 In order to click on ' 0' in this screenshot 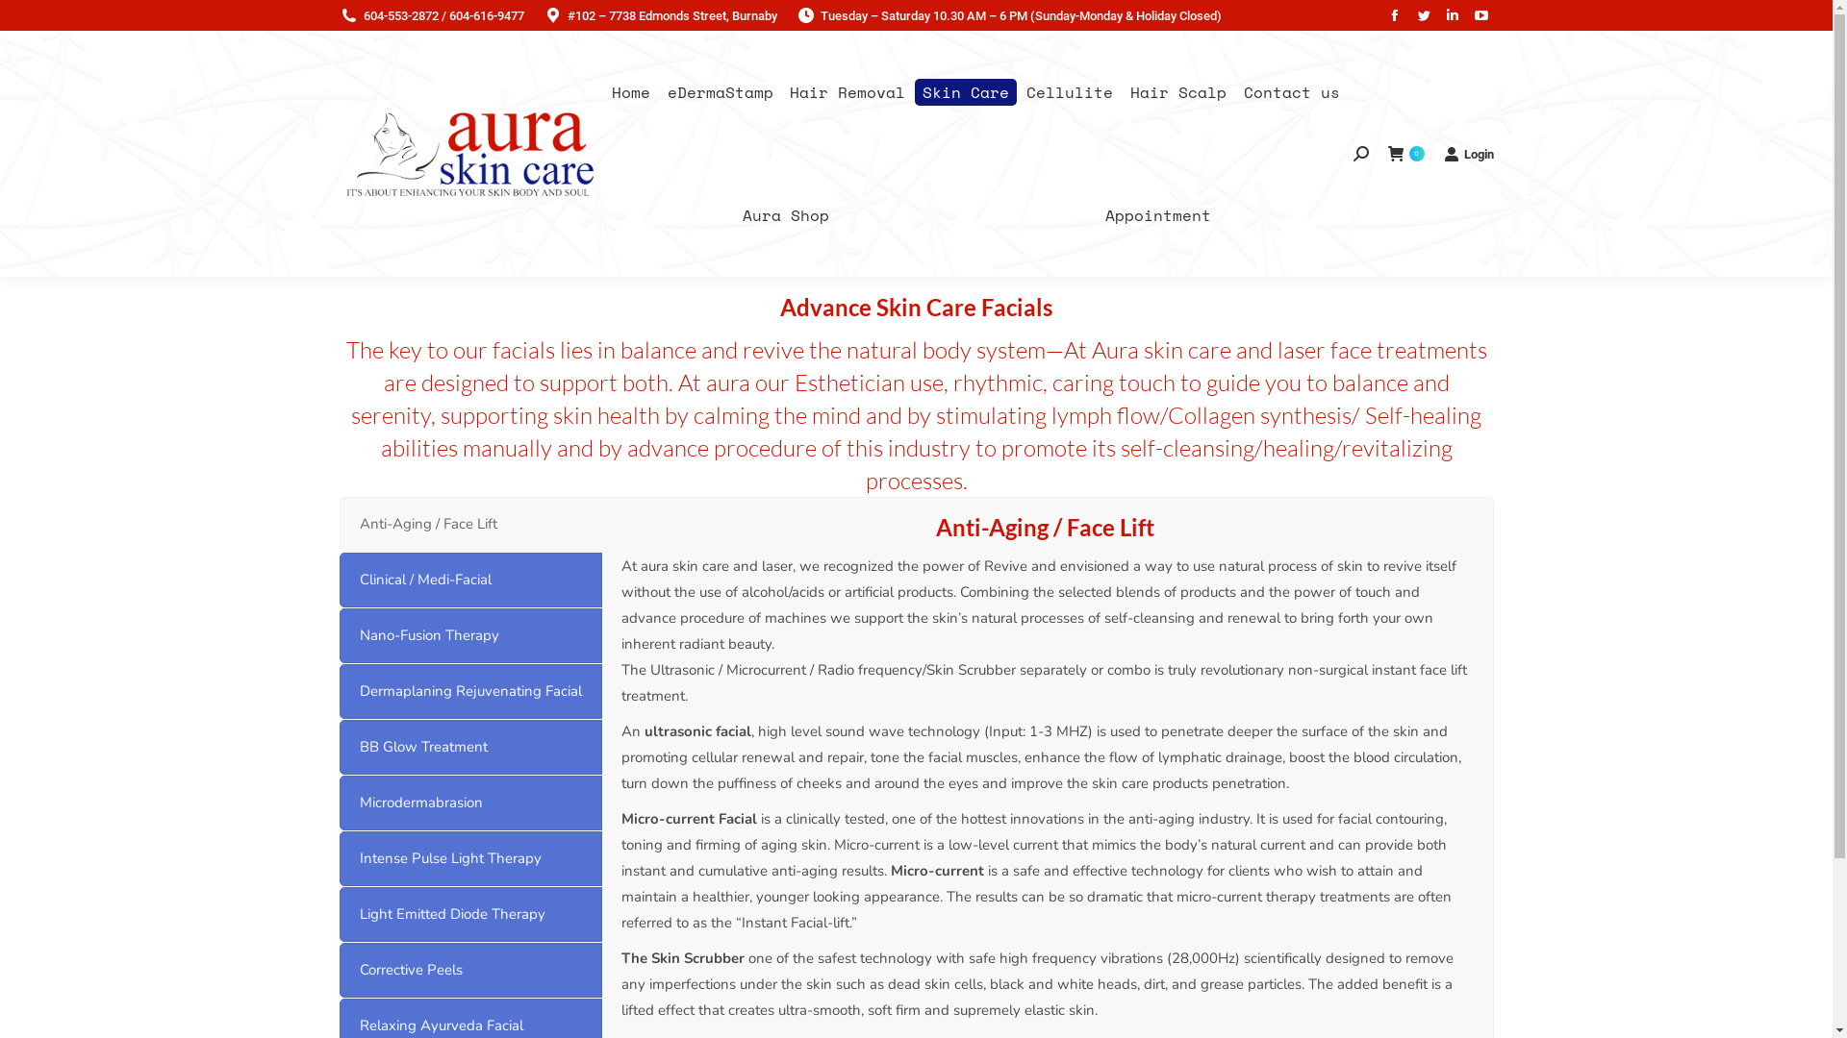, I will do `click(1404, 153)`.